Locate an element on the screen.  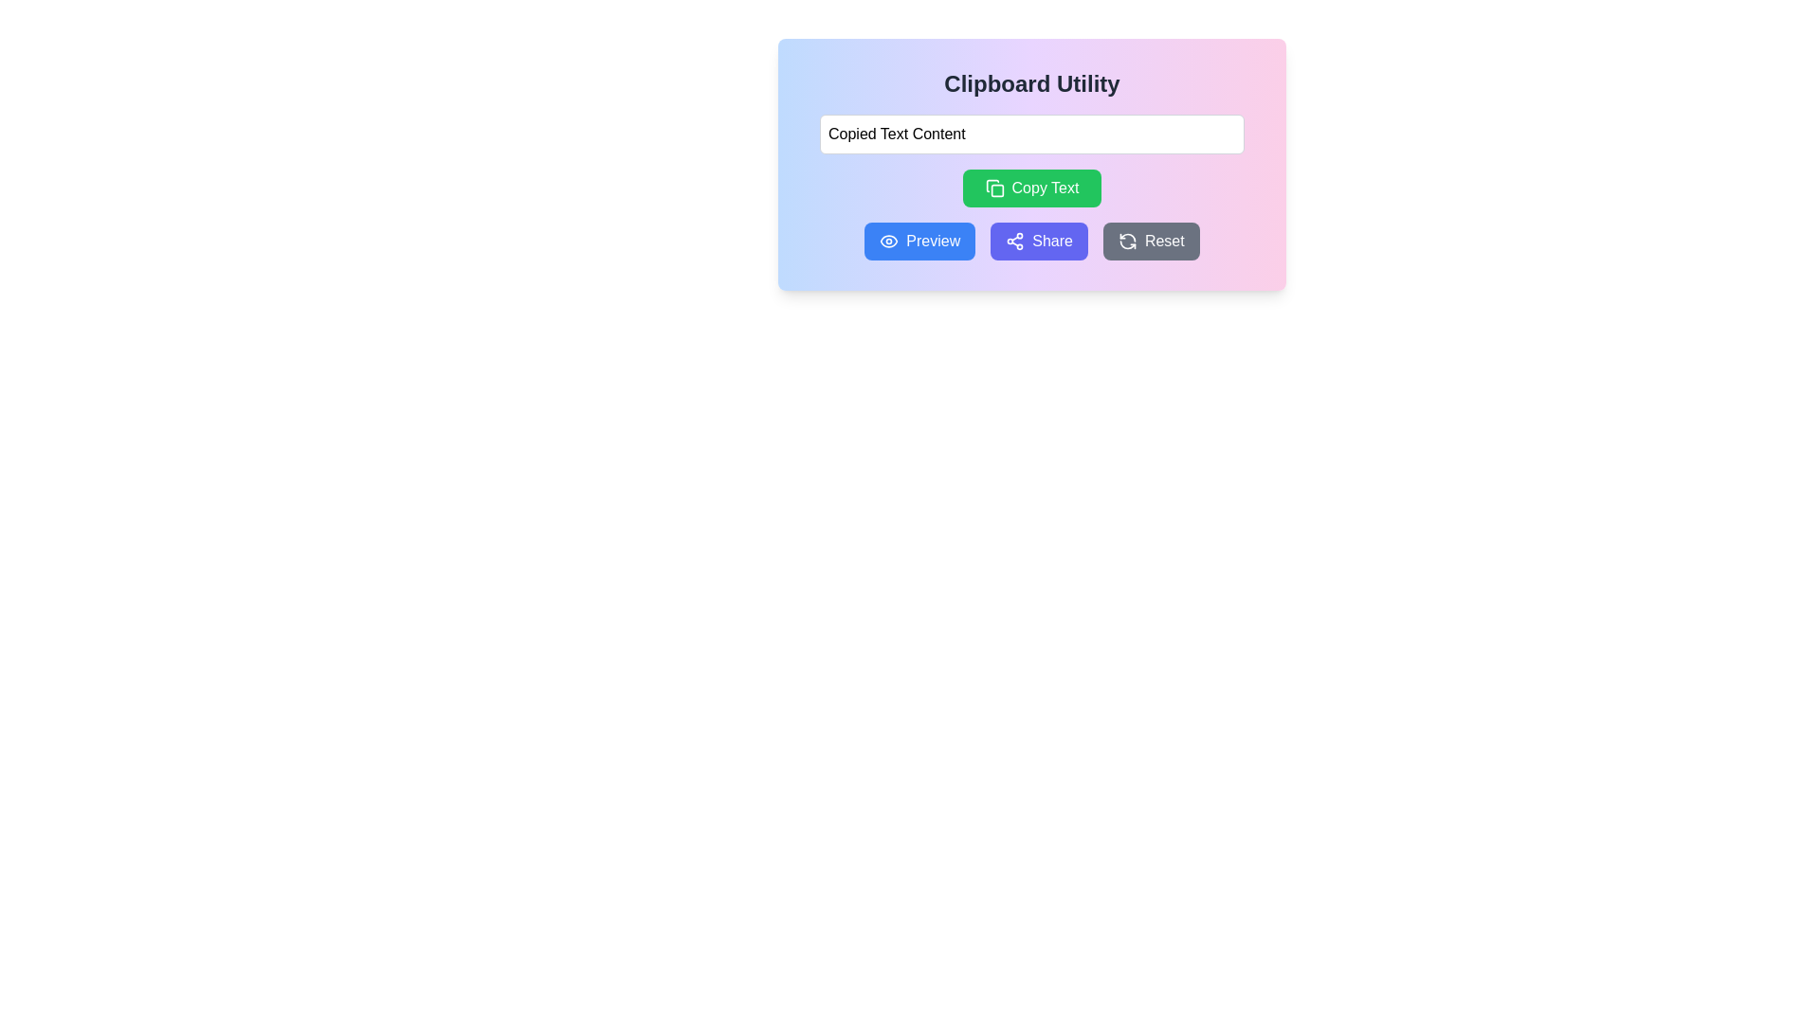
the 'Share' button, which is the third button from the left in the row of buttons below the text input field, styled with white text on a purple background is located at coordinates (1051, 240).